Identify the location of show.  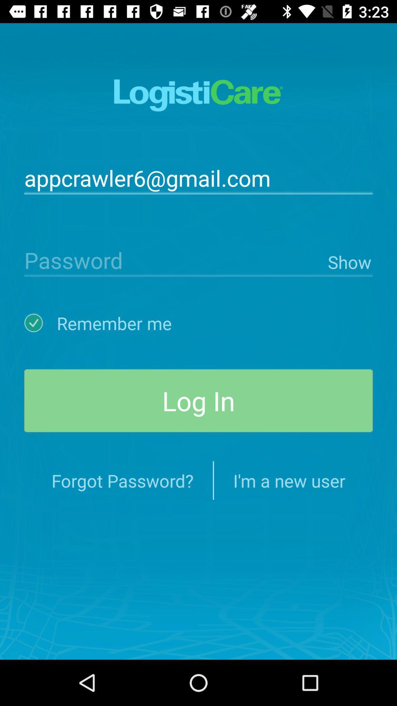
(348, 260).